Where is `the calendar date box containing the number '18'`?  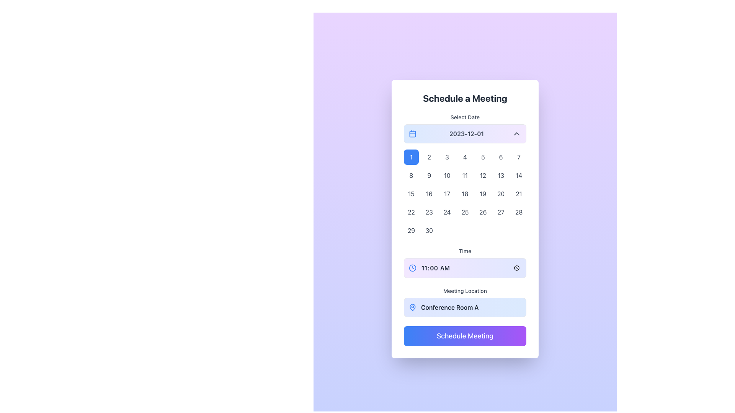 the calendar date box containing the number '18' is located at coordinates (464, 193).